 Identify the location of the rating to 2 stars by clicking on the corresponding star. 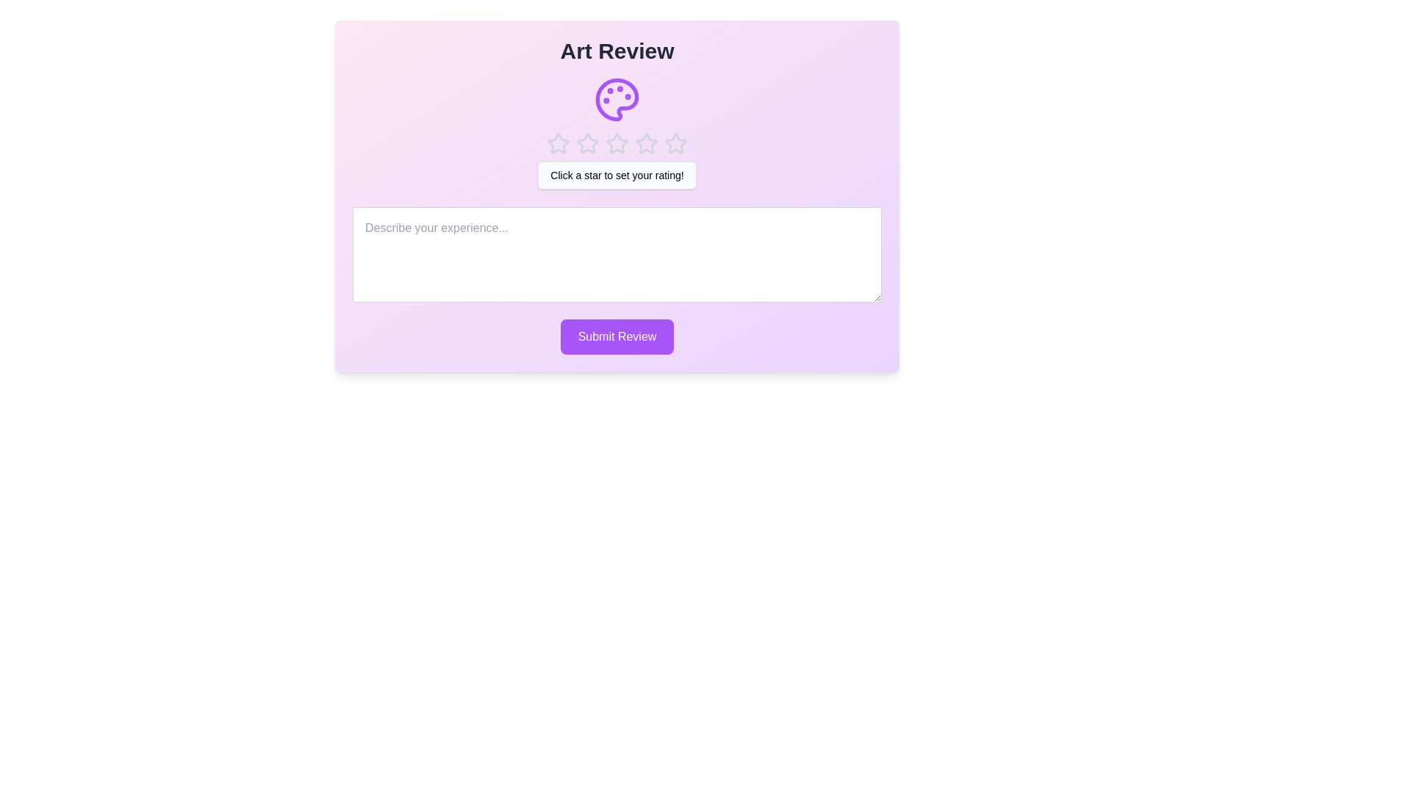
(588, 144).